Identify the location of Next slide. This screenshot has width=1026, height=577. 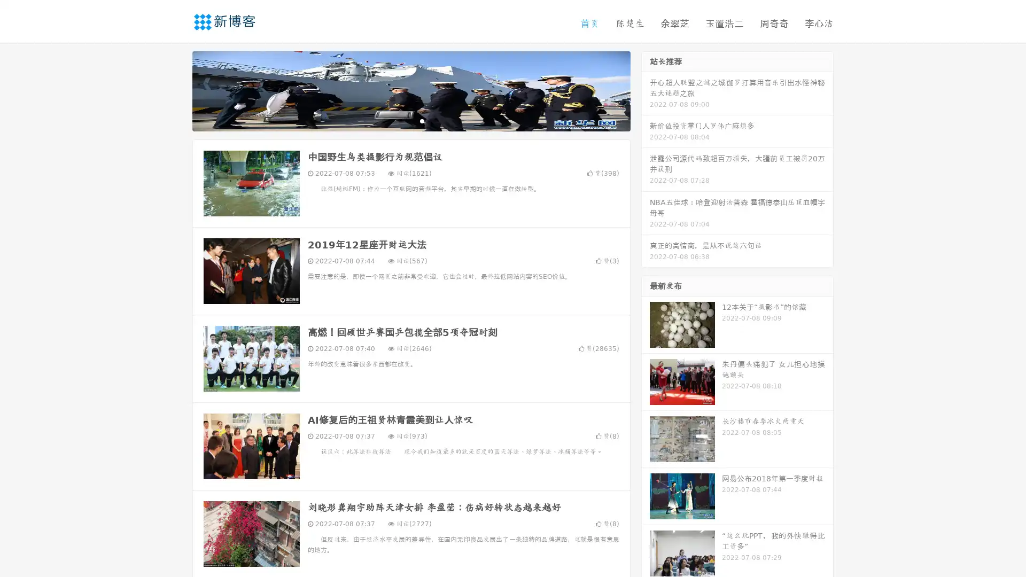
(646, 90).